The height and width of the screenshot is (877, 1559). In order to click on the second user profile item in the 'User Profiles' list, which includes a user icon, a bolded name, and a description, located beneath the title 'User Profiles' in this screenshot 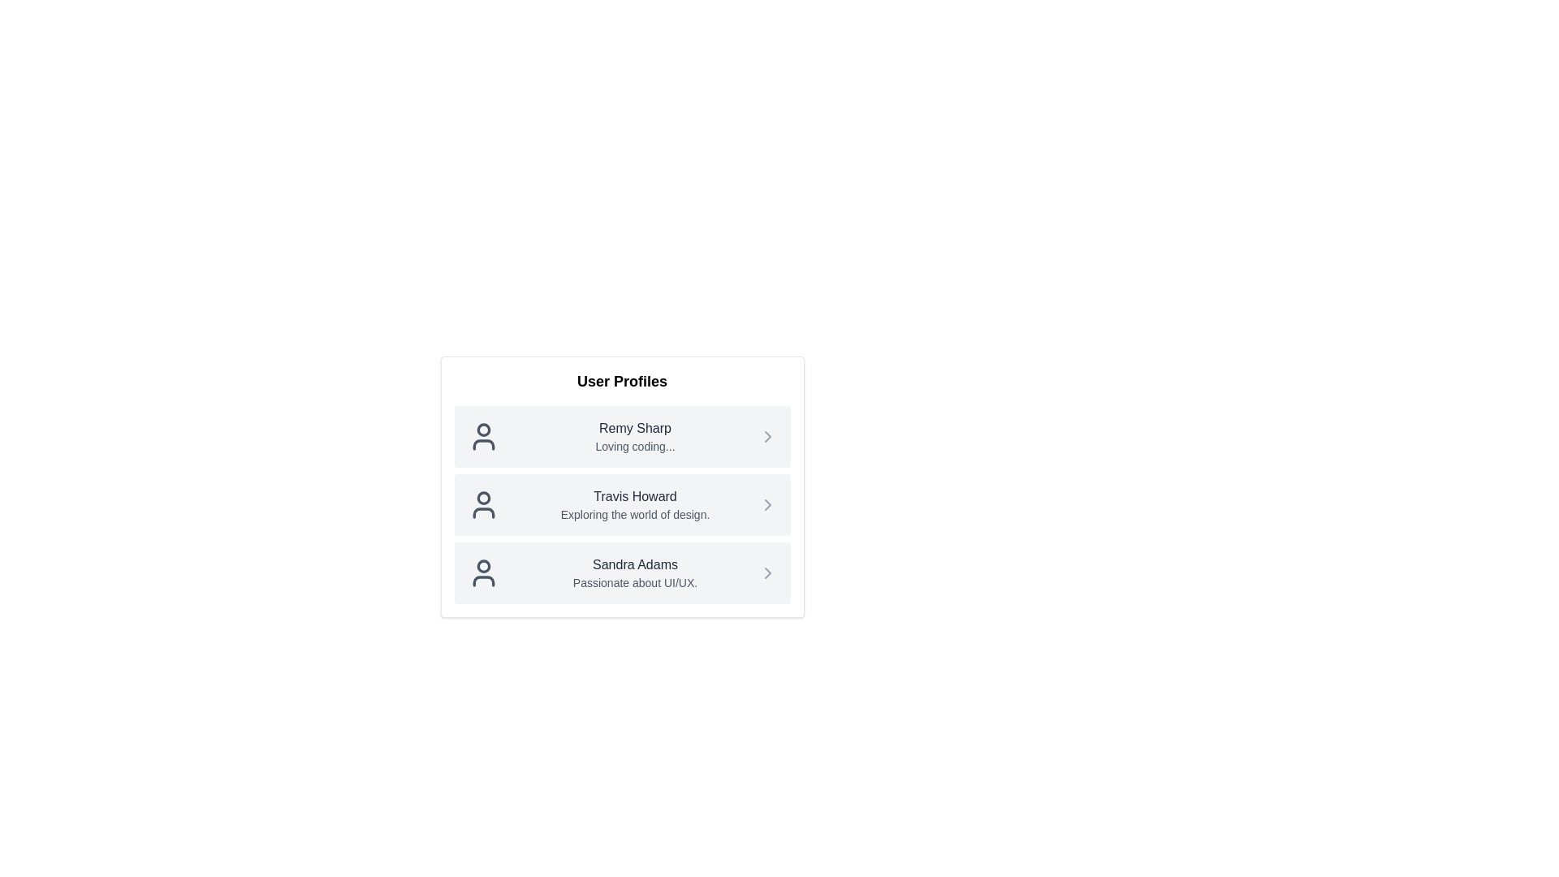, I will do `click(621, 486)`.